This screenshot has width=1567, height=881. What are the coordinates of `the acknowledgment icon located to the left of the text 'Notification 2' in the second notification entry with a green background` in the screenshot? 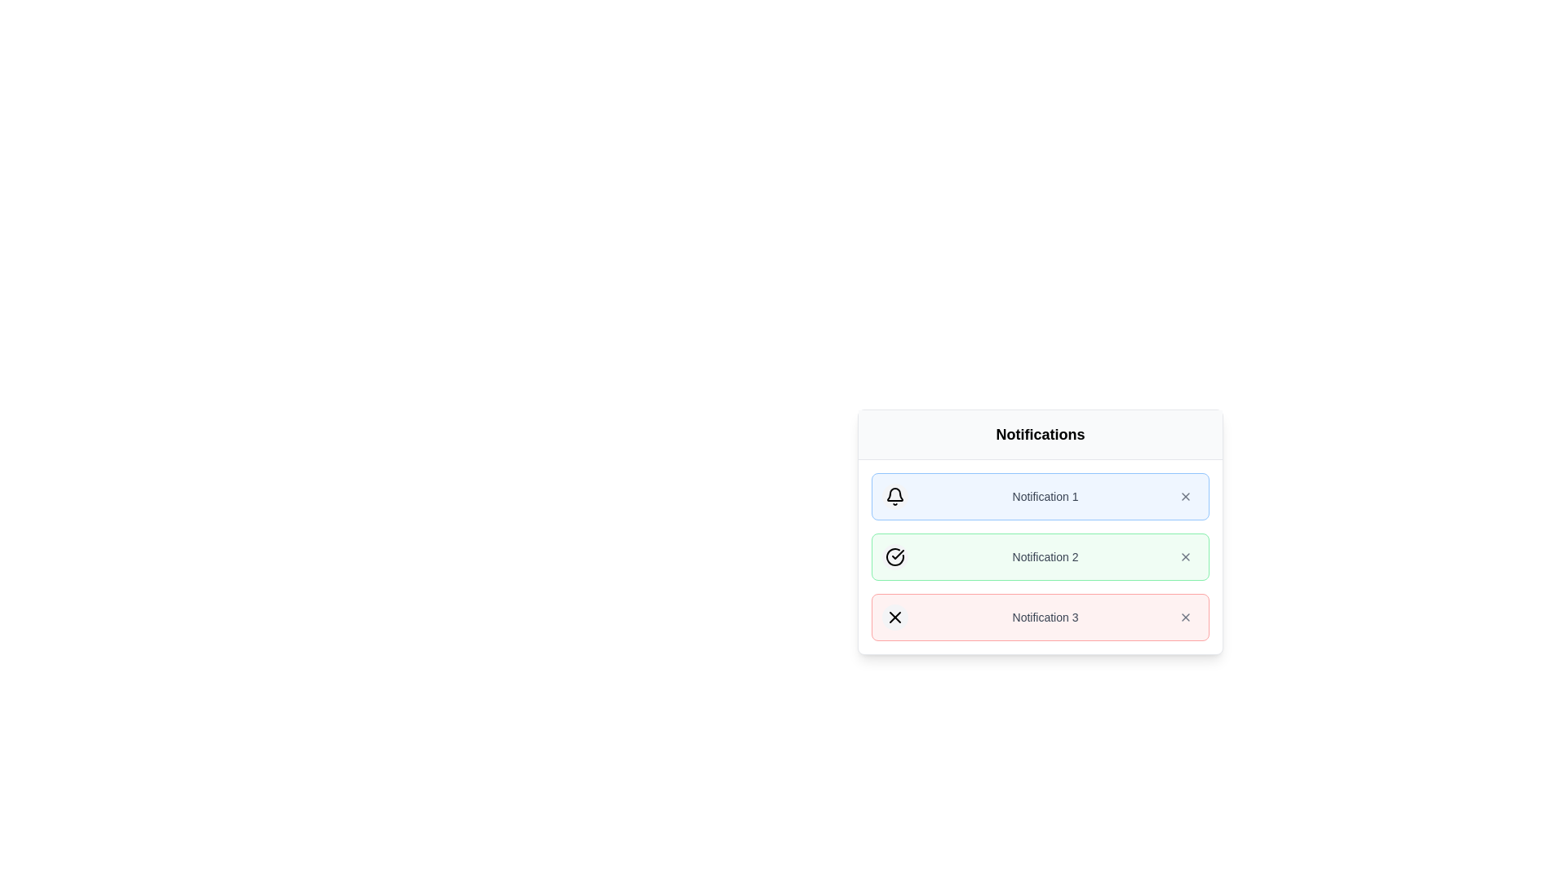 It's located at (897, 553).